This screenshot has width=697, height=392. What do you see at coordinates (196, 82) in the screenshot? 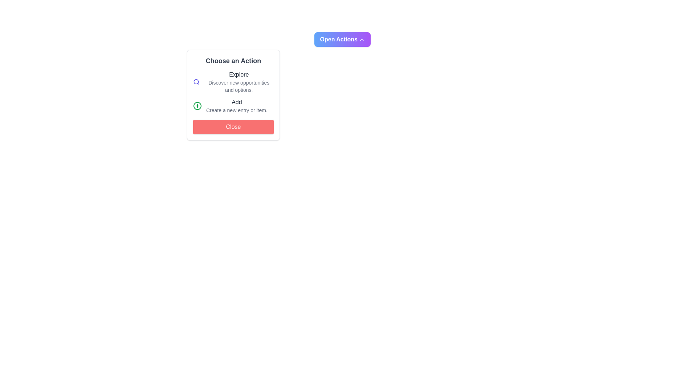
I see `the circular shape within the search icon, which is located in the upper right area of the UI, near the 'Open Actions' button` at bounding box center [196, 82].